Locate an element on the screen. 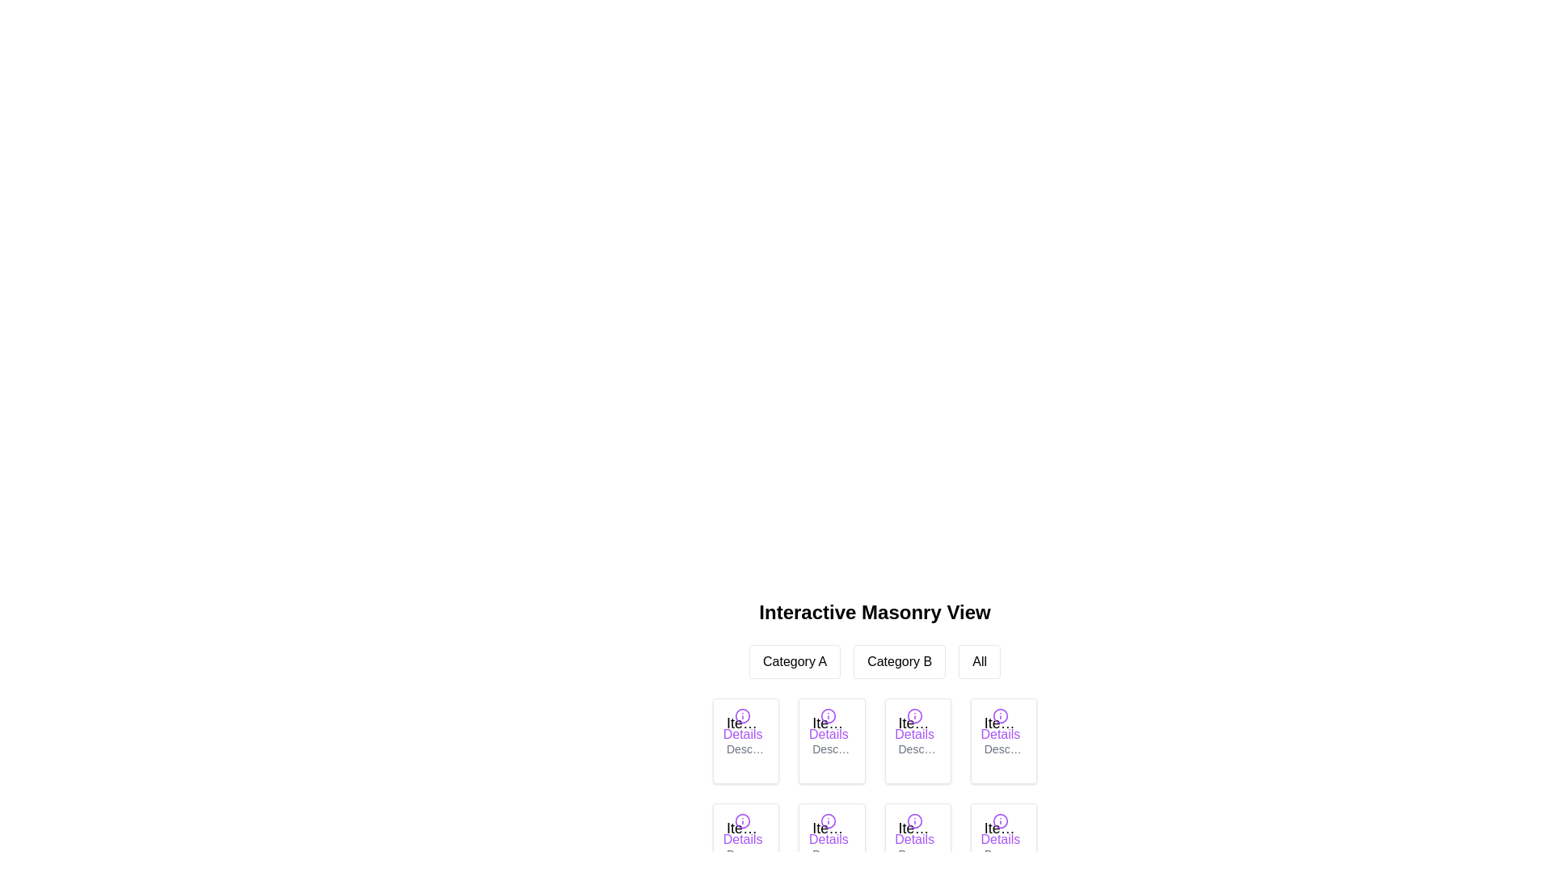 This screenshot has height=873, width=1552. the information icon, which is a purple circular outline containing an 'info' symbol, located slightly to the left of the 'Details' text in the upper-right corner of the item in the masonry grid, to interact with the 'Details' section is located at coordinates (999, 820).